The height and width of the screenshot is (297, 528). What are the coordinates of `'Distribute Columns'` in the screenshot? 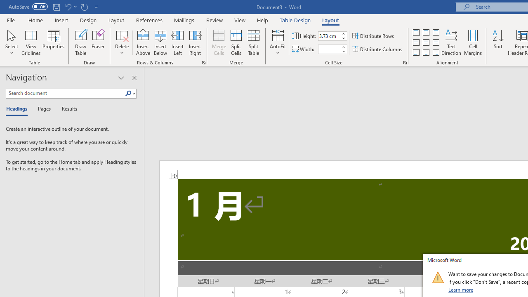 It's located at (377, 49).